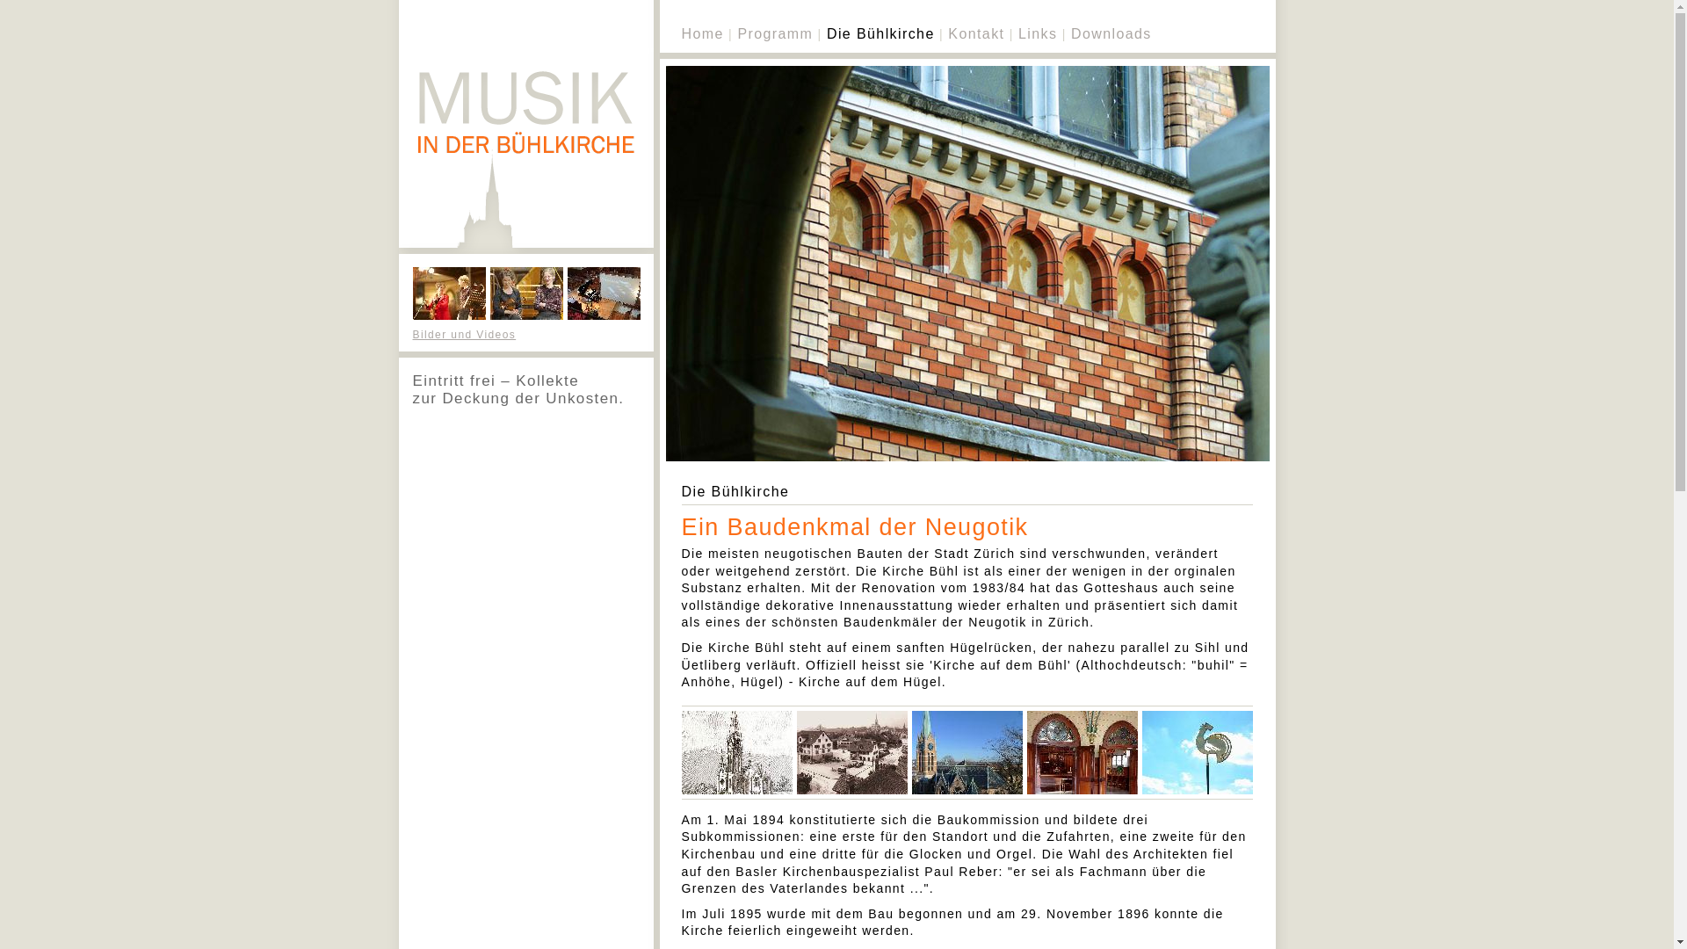  What do you see at coordinates (464, 335) in the screenshot?
I see `'Bilder und Videos'` at bounding box center [464, 335].